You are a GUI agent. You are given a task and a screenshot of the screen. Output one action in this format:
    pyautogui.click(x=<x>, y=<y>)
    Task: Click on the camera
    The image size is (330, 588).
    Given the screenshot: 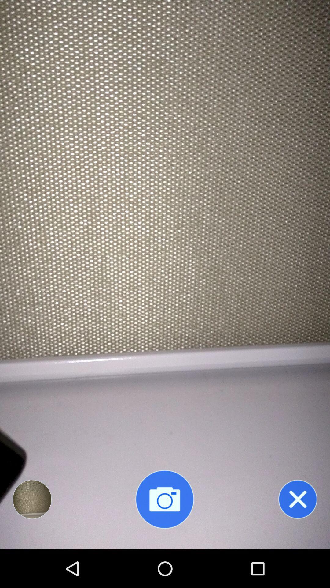 What is the action you would take?
    pyautogui.click(x=164, y=499)
    